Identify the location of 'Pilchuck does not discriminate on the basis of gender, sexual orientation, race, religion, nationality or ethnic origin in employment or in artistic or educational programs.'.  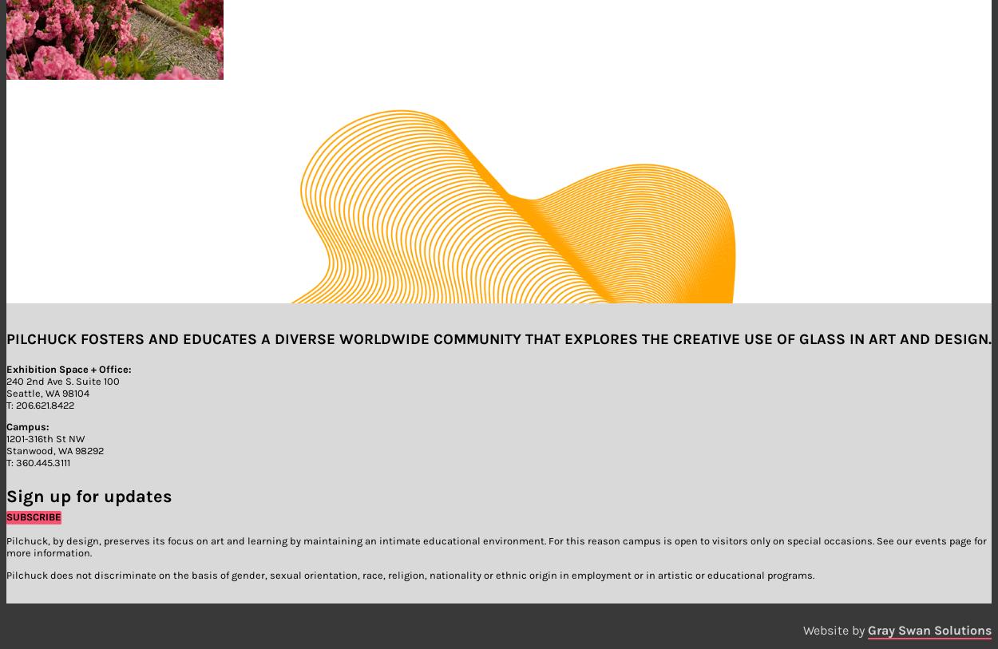
(410, 574).